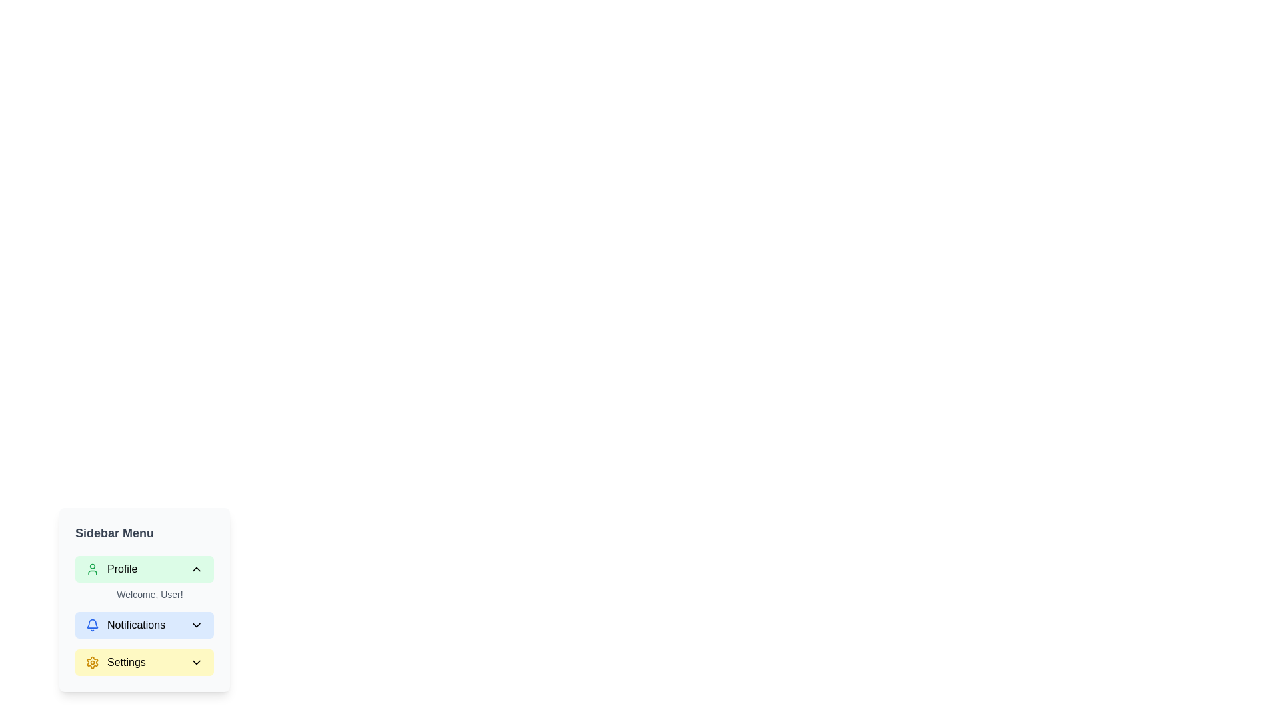  Describe the element at coordinates (111, 569) in the screenshot. I see `the 'Profile' text label in the sidebar menu, which is used for navigating to the user's profile section` at that location.